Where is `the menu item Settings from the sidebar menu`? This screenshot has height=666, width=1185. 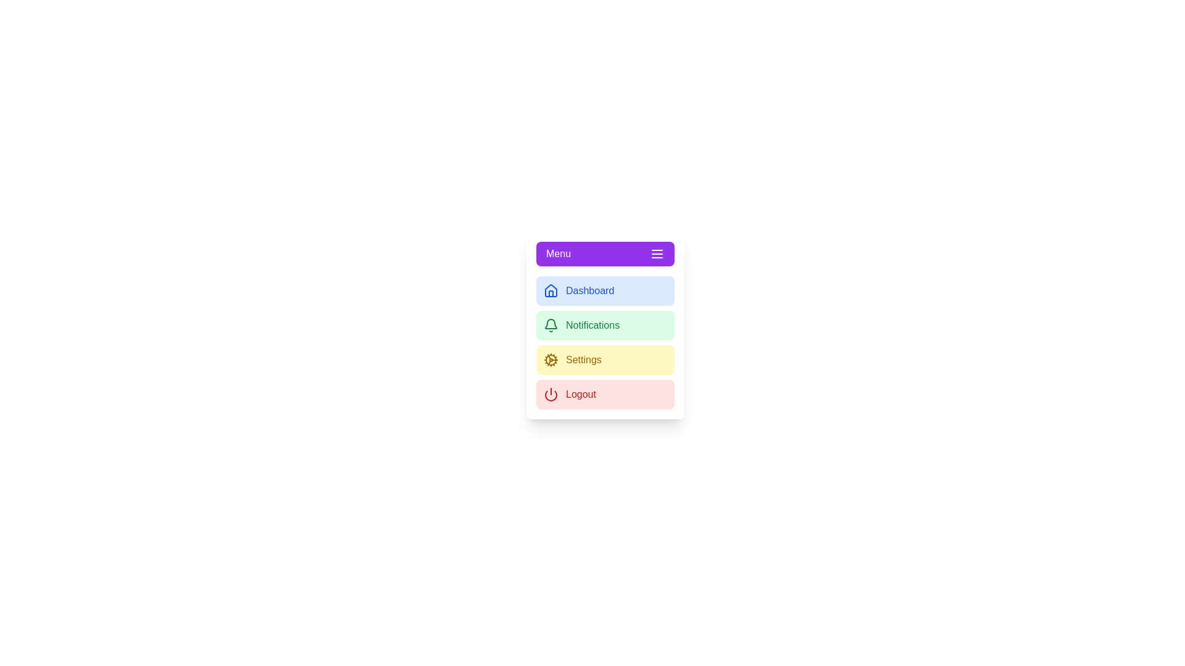
the menu item Settings from the sidebar menu is located at coordinates (605, 360).